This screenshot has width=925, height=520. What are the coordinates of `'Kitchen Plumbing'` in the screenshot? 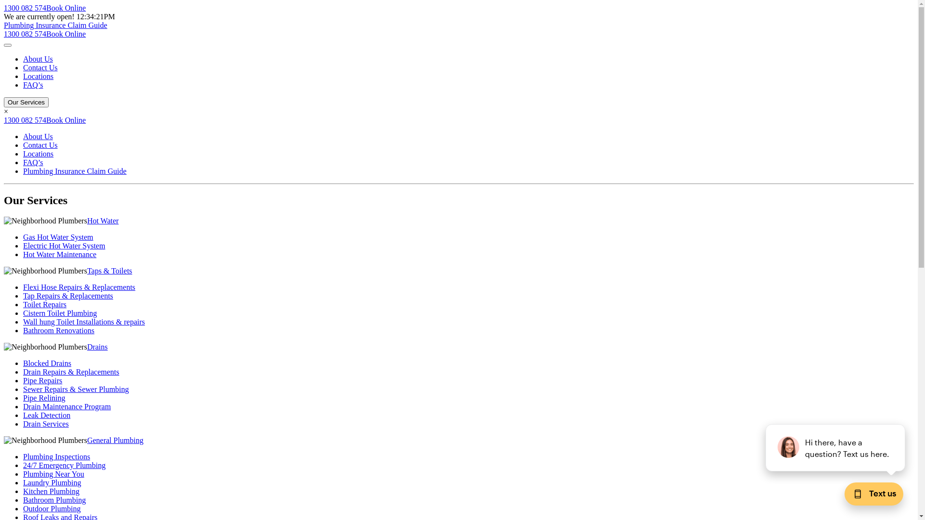 It's located at (51, 491).